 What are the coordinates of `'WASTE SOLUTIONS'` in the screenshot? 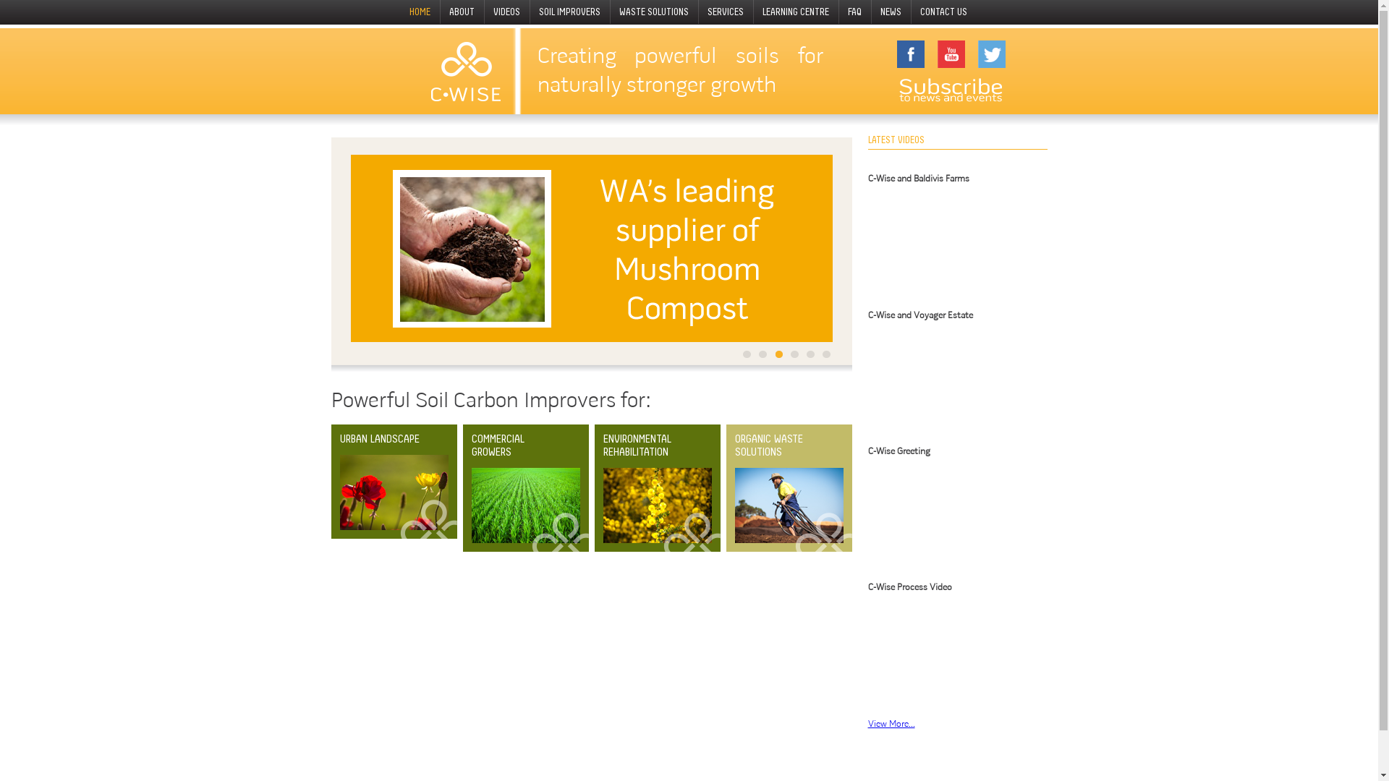 It's located at (611, 12).